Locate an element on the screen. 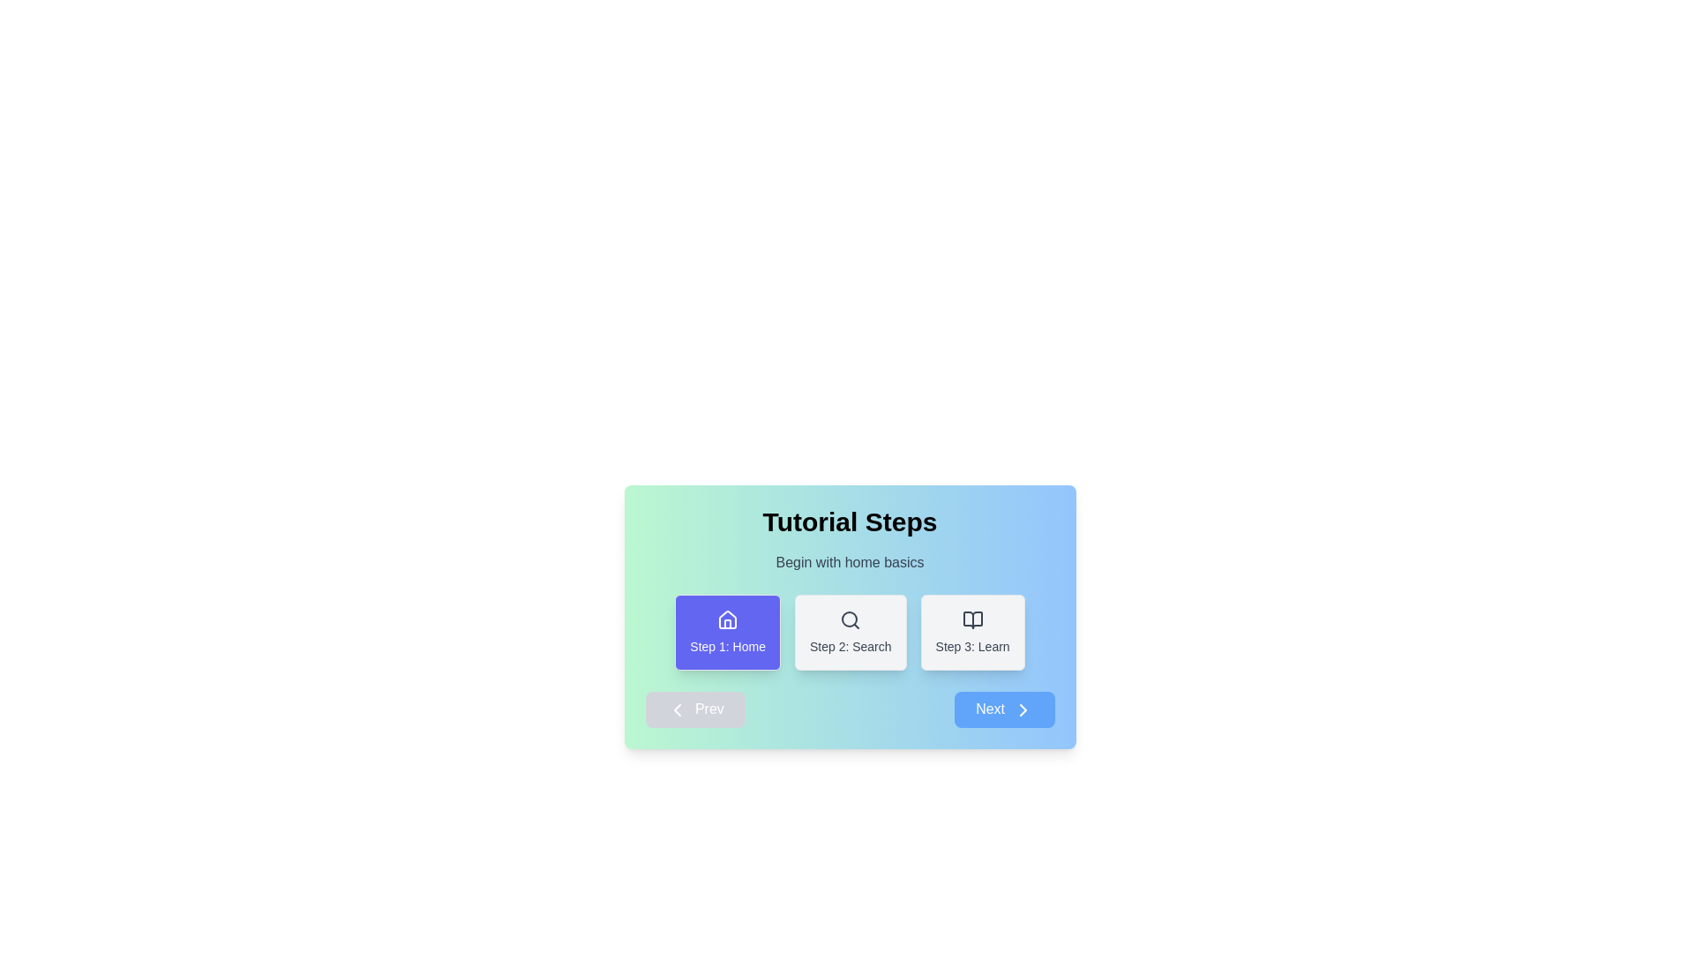  the tutorial step 3 to view its details is located at coordinates (972, 632).